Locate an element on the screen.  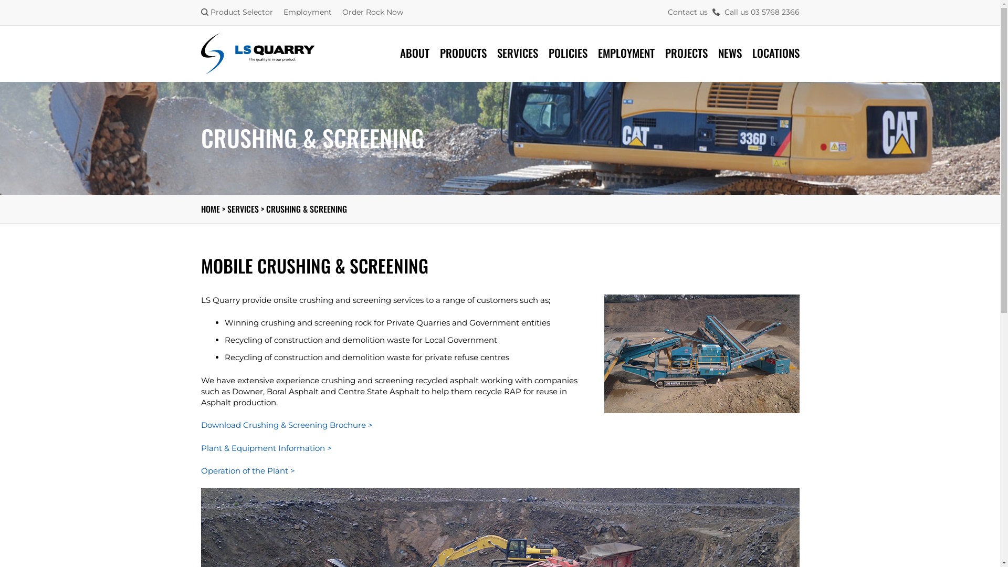
'HOME' is located at coordinates (209, 208).